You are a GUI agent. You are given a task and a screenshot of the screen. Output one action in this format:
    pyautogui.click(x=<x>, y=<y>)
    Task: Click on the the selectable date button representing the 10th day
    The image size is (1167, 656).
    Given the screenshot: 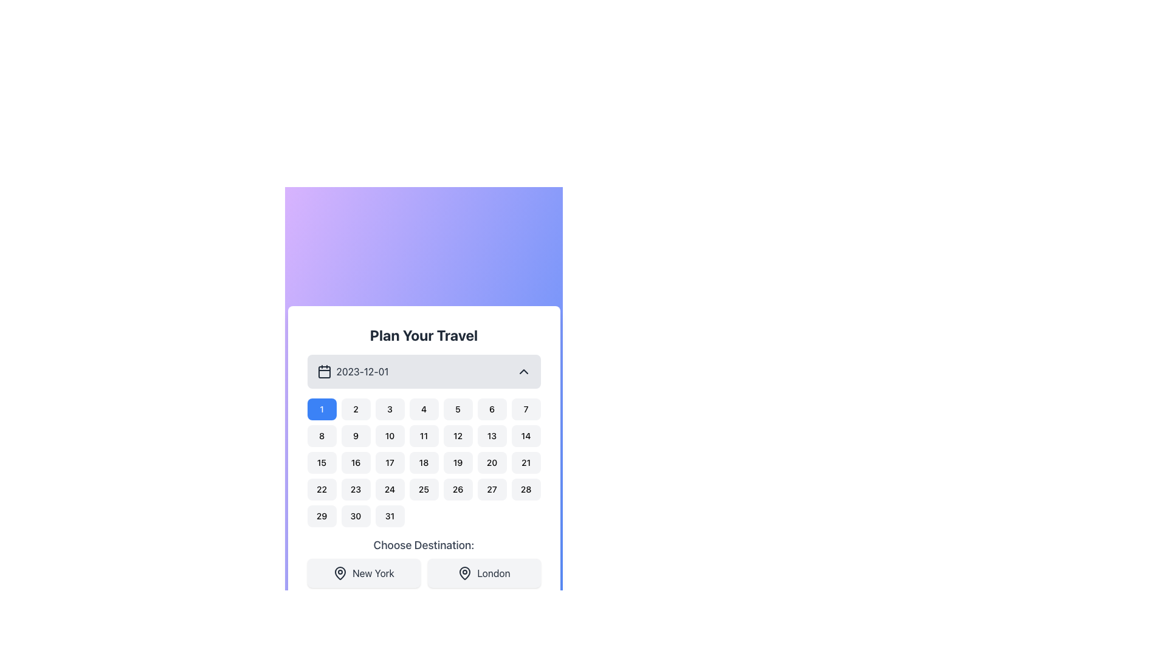 What is the action you would take?
    pyautogui.click(x=390, y=435)
    